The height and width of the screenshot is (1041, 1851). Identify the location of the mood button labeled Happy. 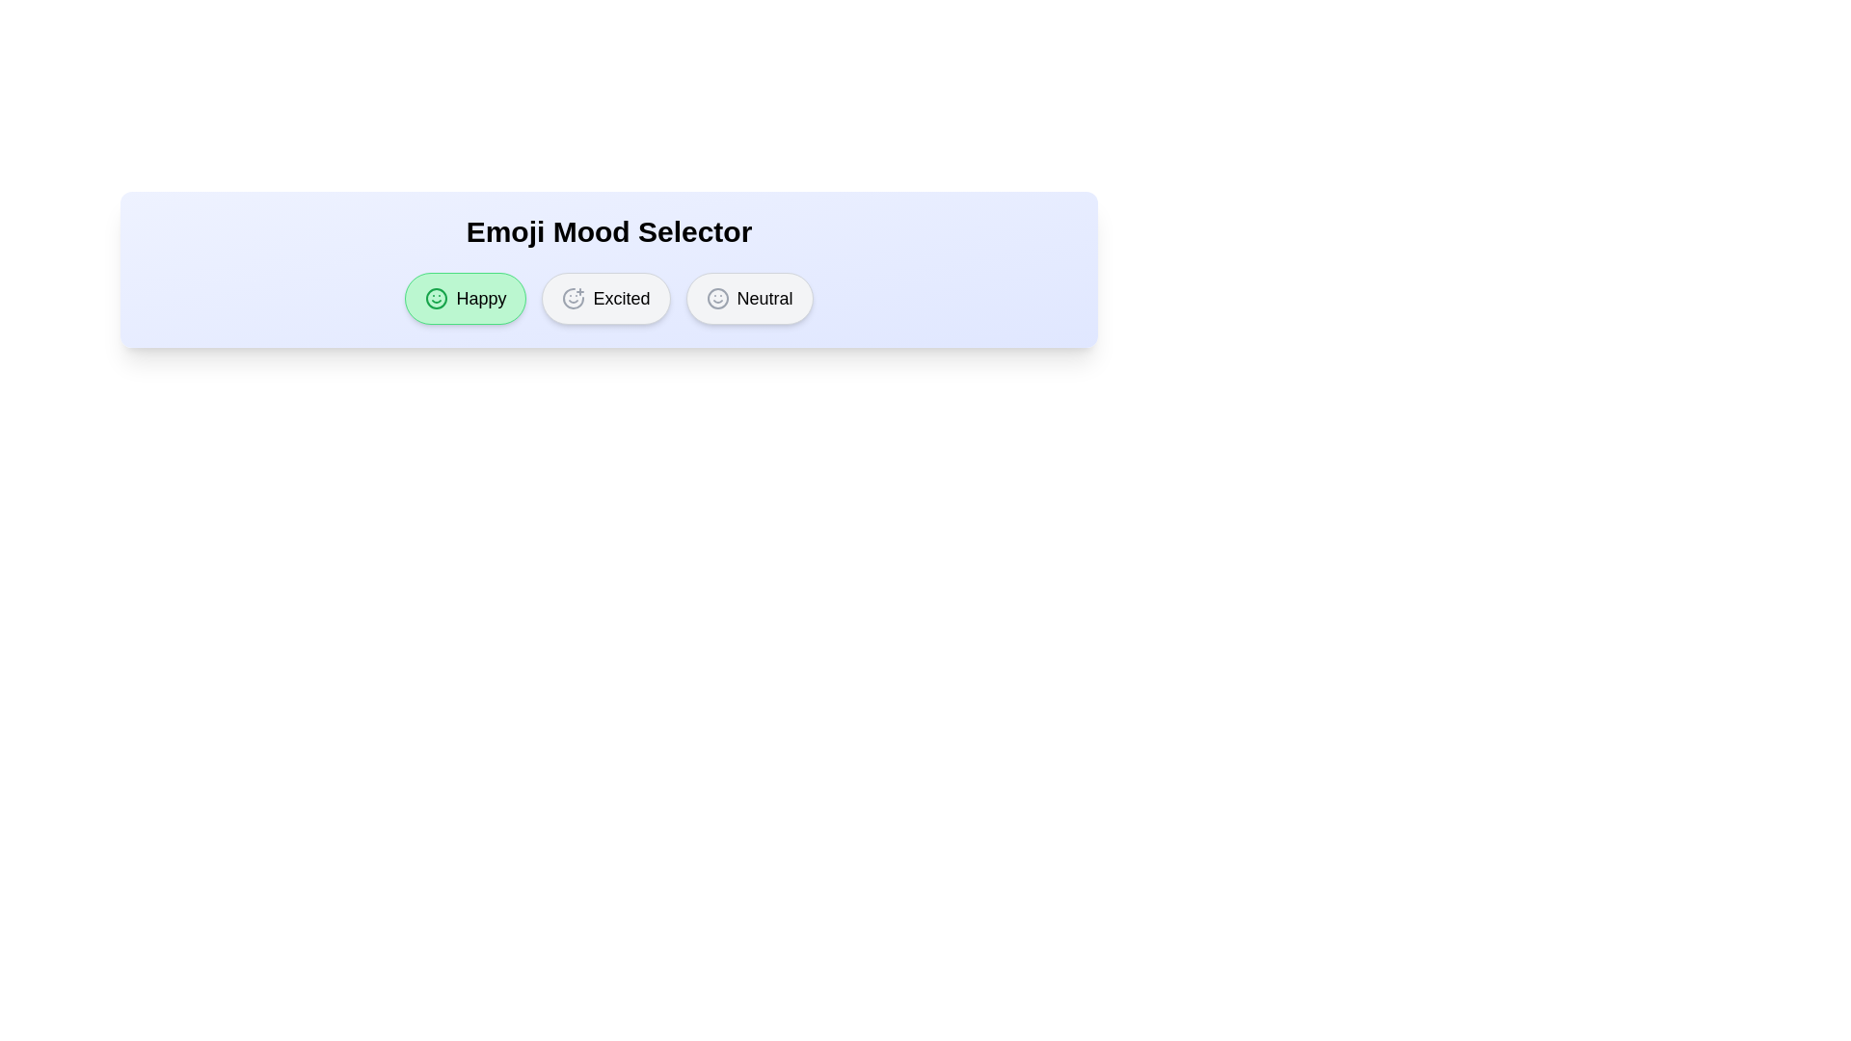
(466, 298).